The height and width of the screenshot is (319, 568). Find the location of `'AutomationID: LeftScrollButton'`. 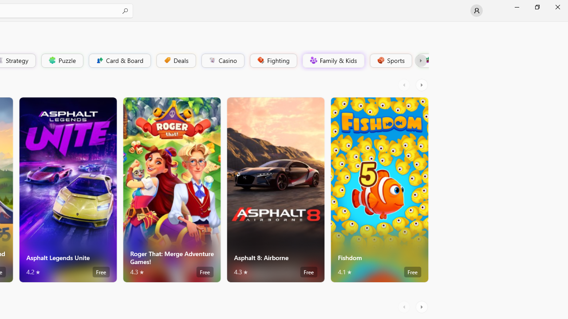

'AutomationID: LeftScrollButton' is located at coordinates (405, 307).